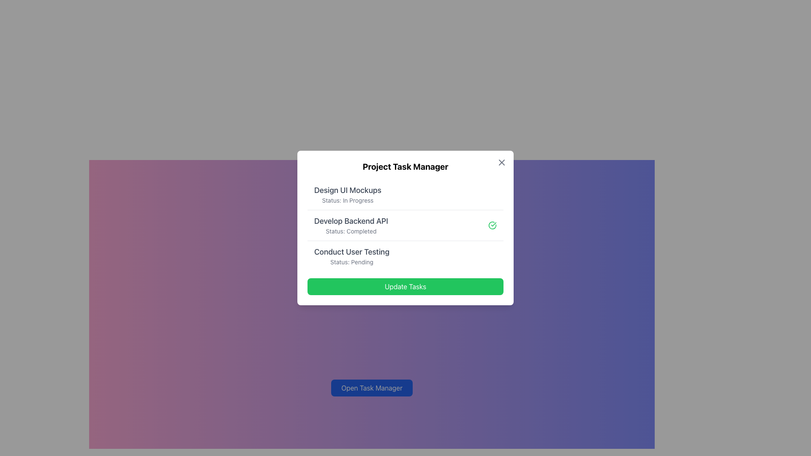  I want to click on the close button in the top-right corner of the 'Project Task Manager' dialog box to change its color, so click(502, 163).